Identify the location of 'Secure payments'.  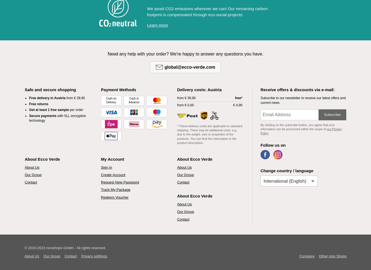
(43, 115).